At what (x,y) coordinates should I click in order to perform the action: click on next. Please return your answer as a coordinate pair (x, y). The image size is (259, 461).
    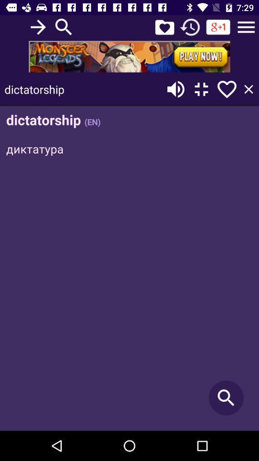
    Looking at the image, I should click on (37, 26).